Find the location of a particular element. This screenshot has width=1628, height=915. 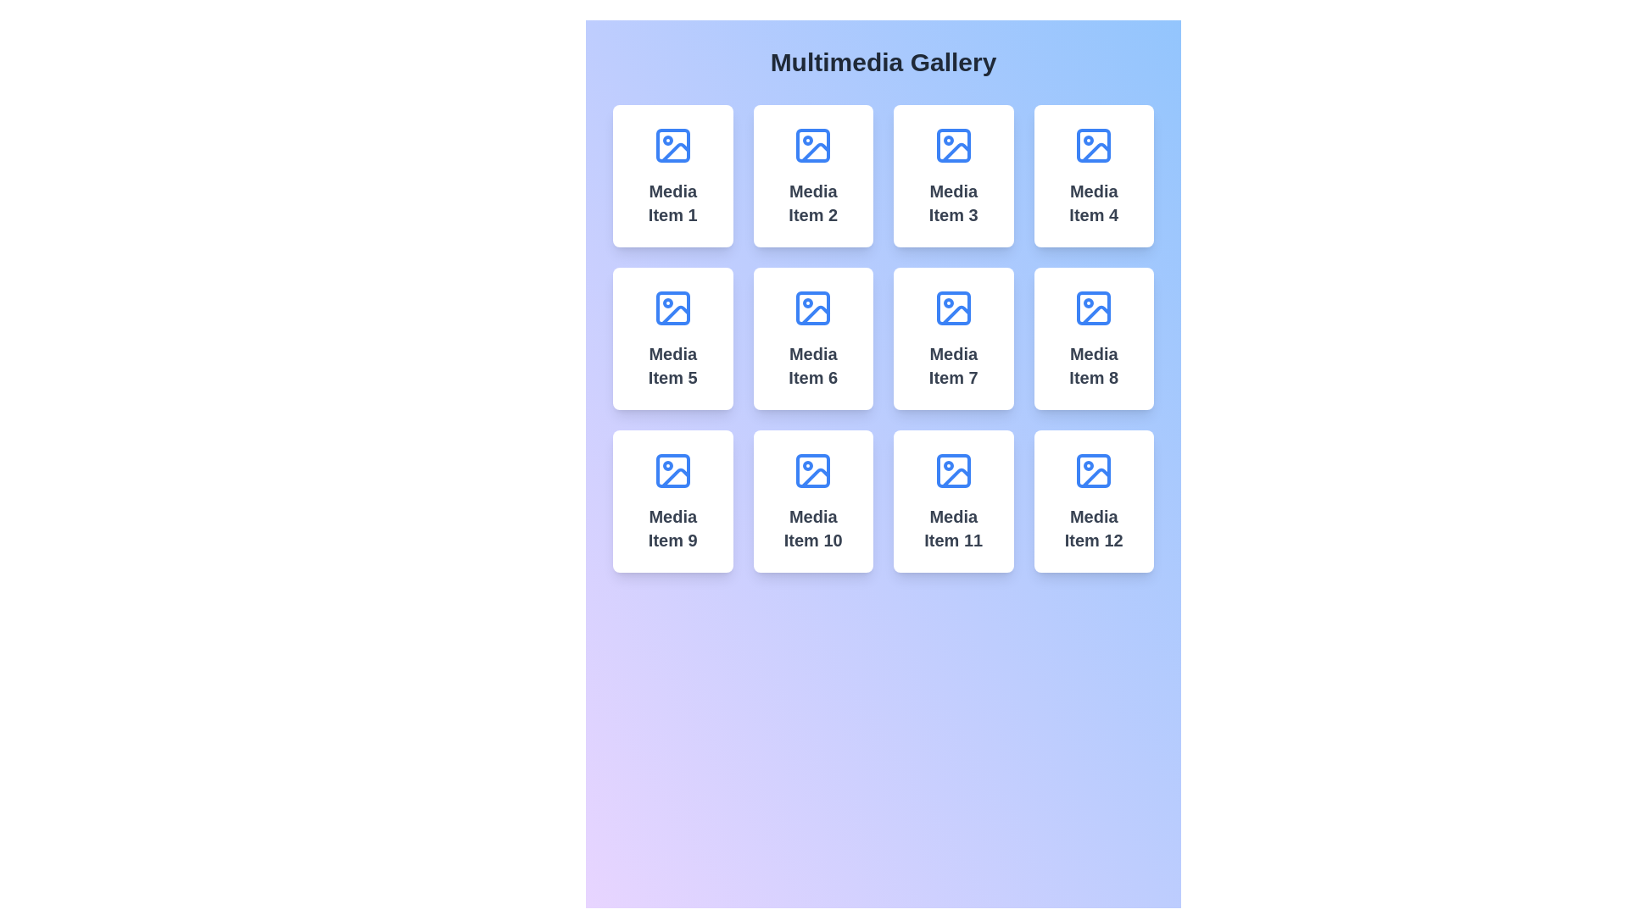

the Card element displaying 'Media Item 2' with a blue icon of an image placeholder, located in the second position of the first row in the grid layout is located at coordinates (812, 176).